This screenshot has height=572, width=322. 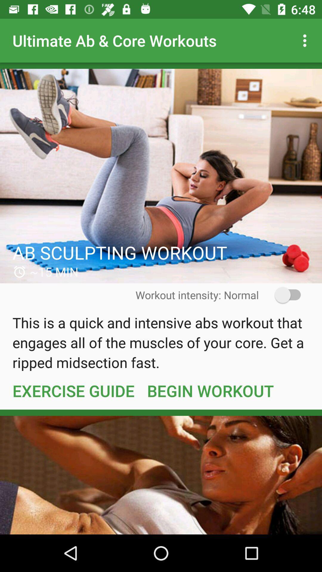 What do you see at coordinates (73, 391) in the screenshot?
I see `exercise guide item` at bounding box center [73, 391].